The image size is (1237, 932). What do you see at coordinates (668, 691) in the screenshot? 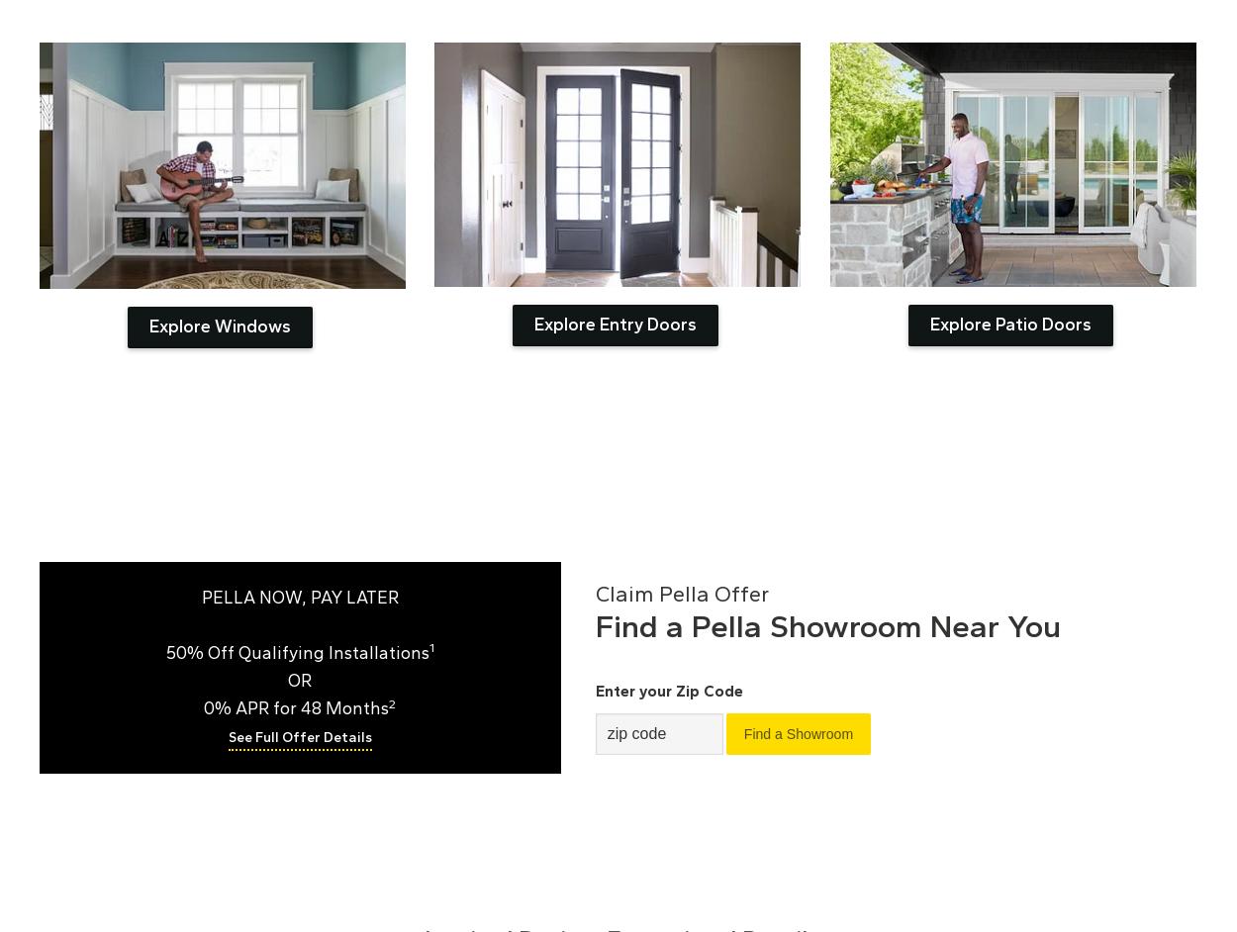
I see `'Enter your Zip Code'` at bounding box center [668, 691].